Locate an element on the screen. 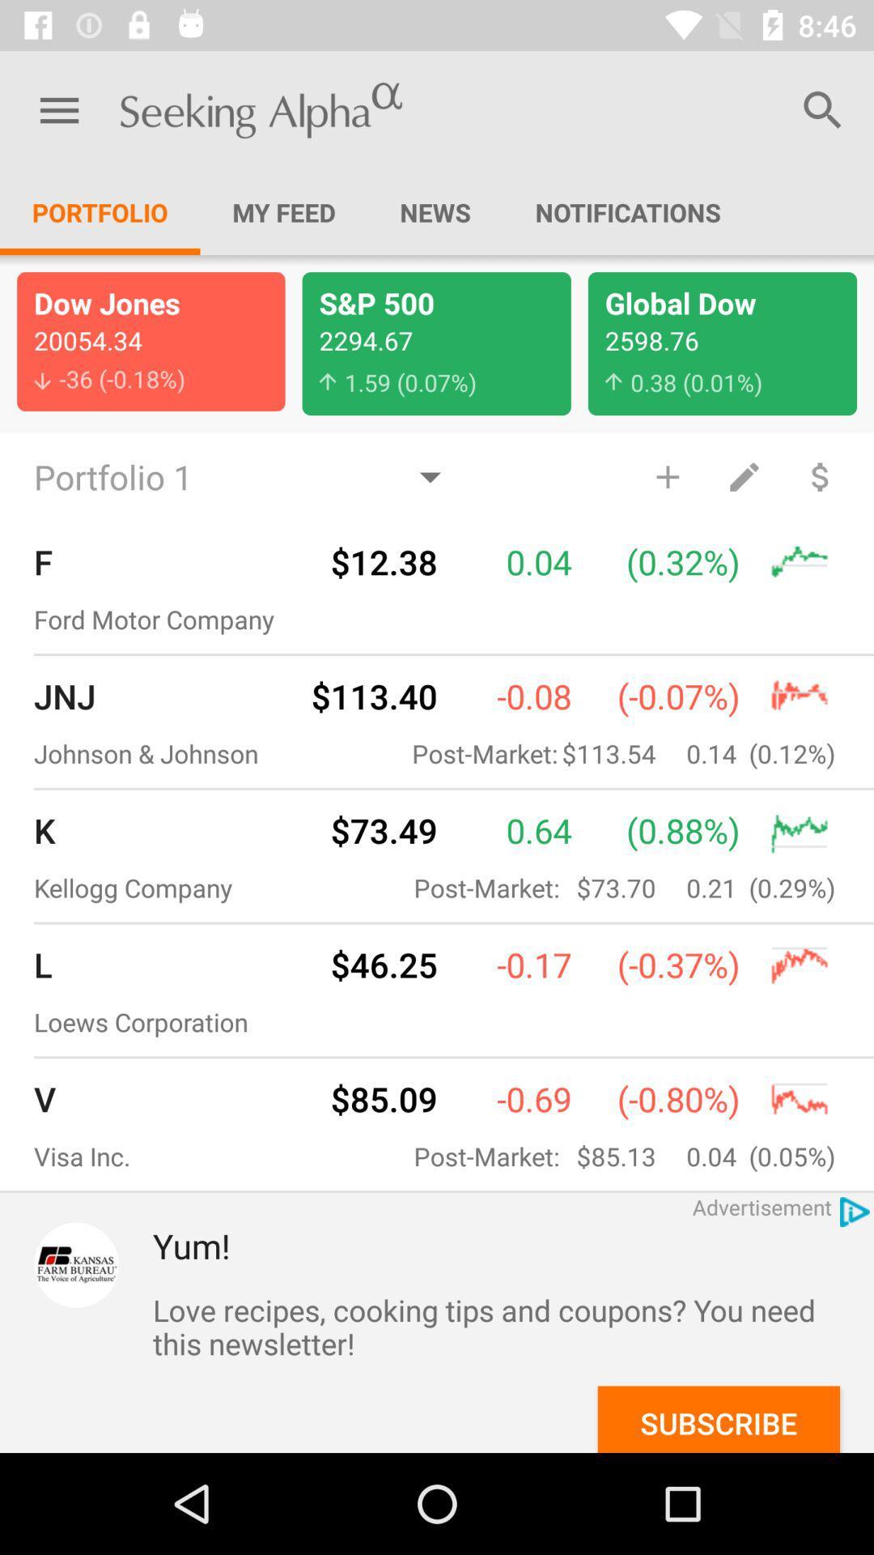 This screenshot has width=874, height=1555. option for currency is located at coordinates (821, 475).